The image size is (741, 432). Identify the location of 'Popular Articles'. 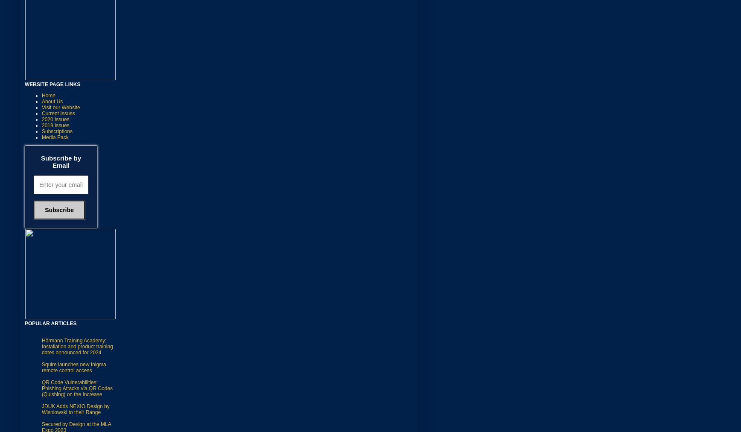
(50, 323).